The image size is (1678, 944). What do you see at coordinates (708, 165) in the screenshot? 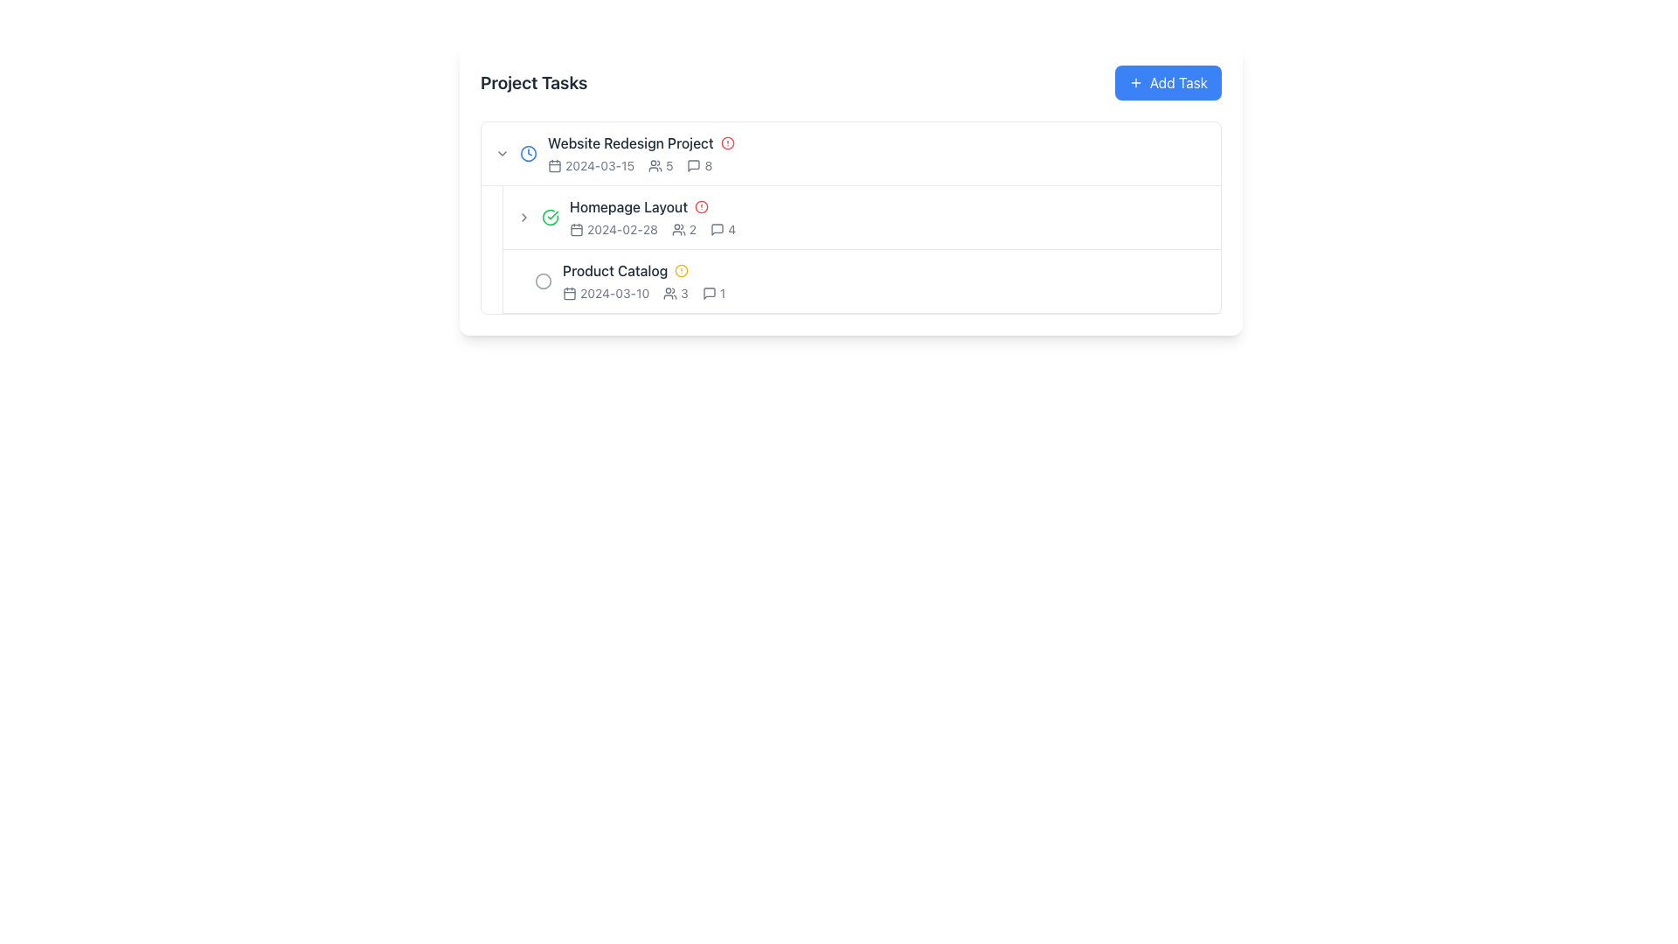
I see `the static text label displaying the count of comments associated with the 'Website Redesign Project', located to the right of the speech bubble icon` at bounding box center [708, 165].